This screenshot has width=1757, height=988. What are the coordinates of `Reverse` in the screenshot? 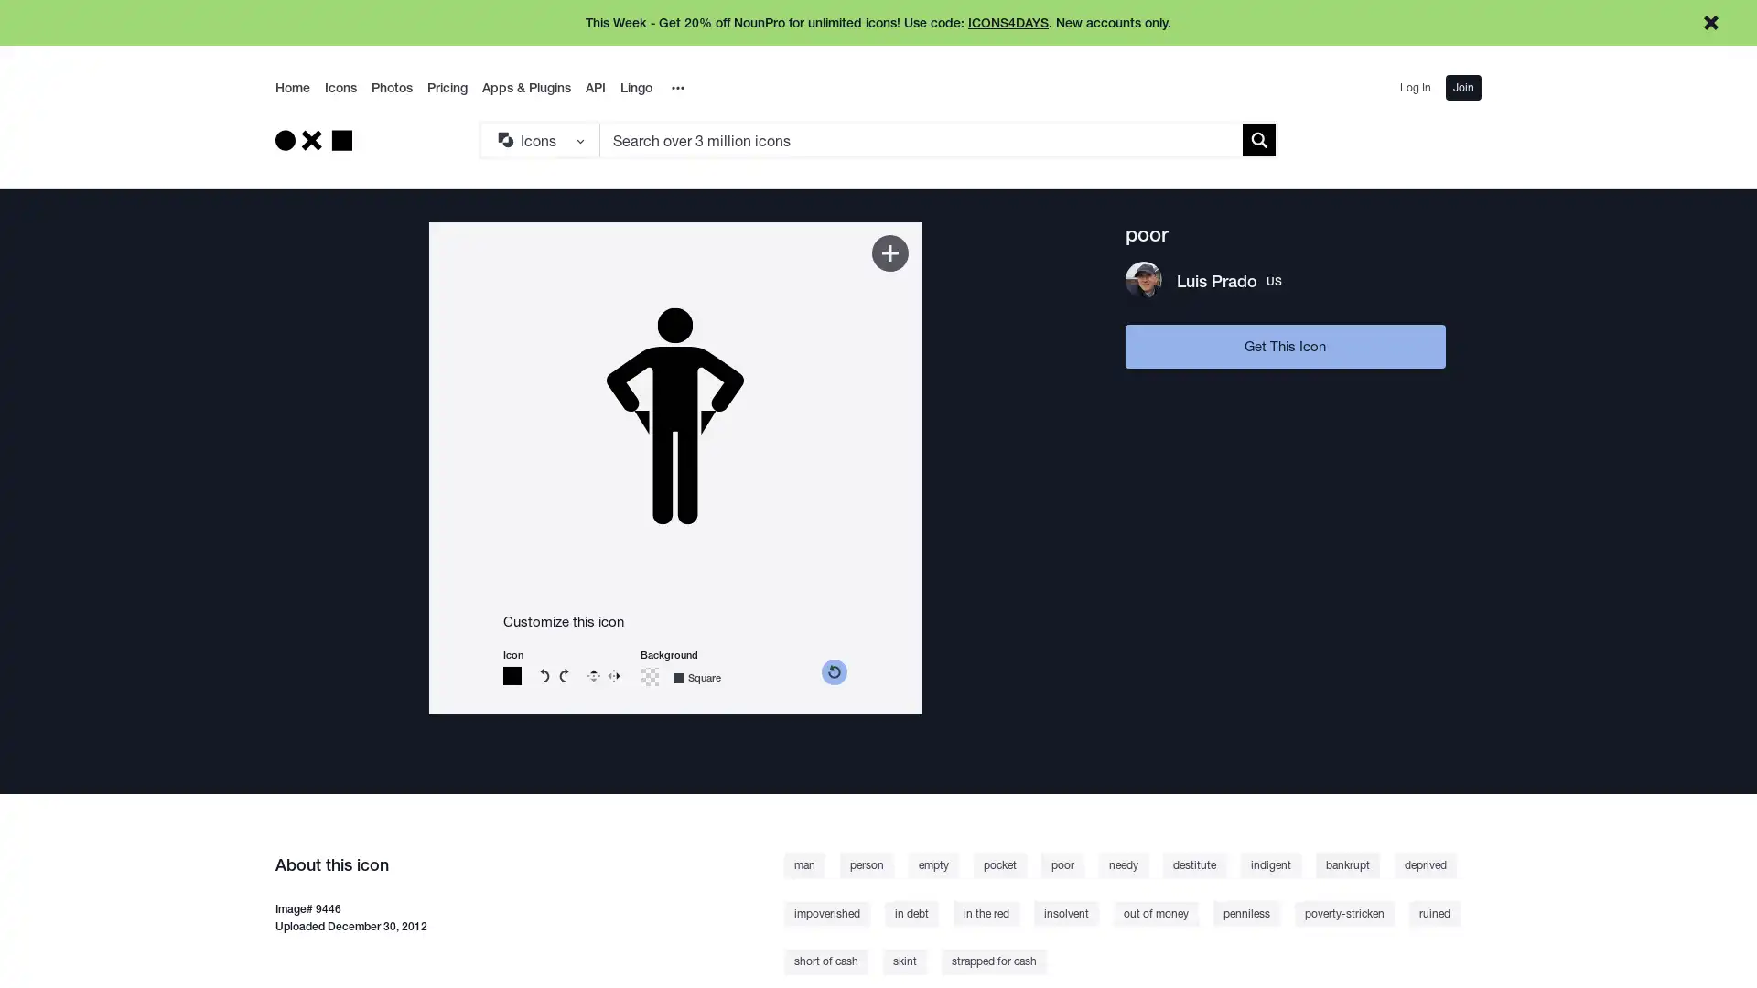 It's located at (613, 676).